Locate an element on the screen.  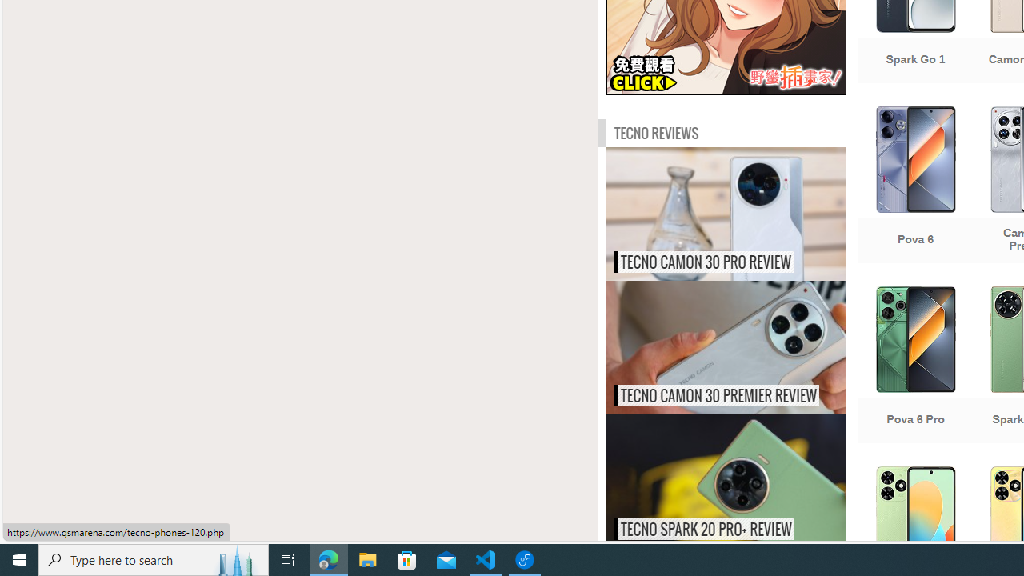
'Pova 6' is located at coordinates (915, 186).